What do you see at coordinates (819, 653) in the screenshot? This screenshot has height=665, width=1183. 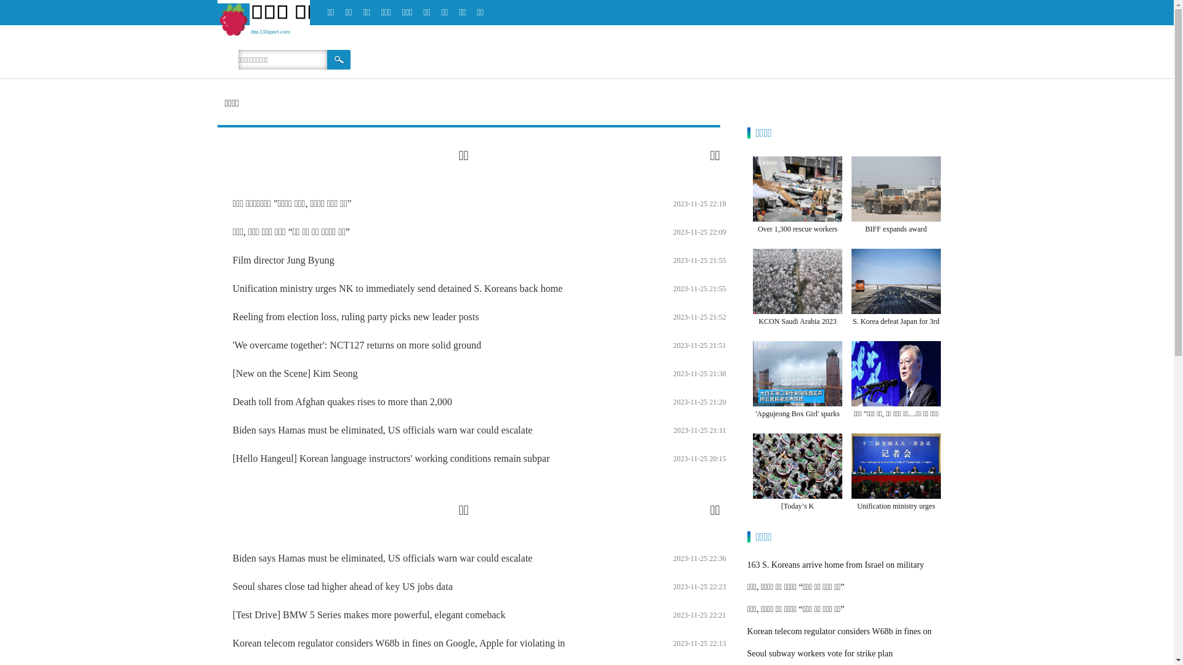 I see `'Seoul subway workers vote for strike plan'` at bounding box center [819, 653].